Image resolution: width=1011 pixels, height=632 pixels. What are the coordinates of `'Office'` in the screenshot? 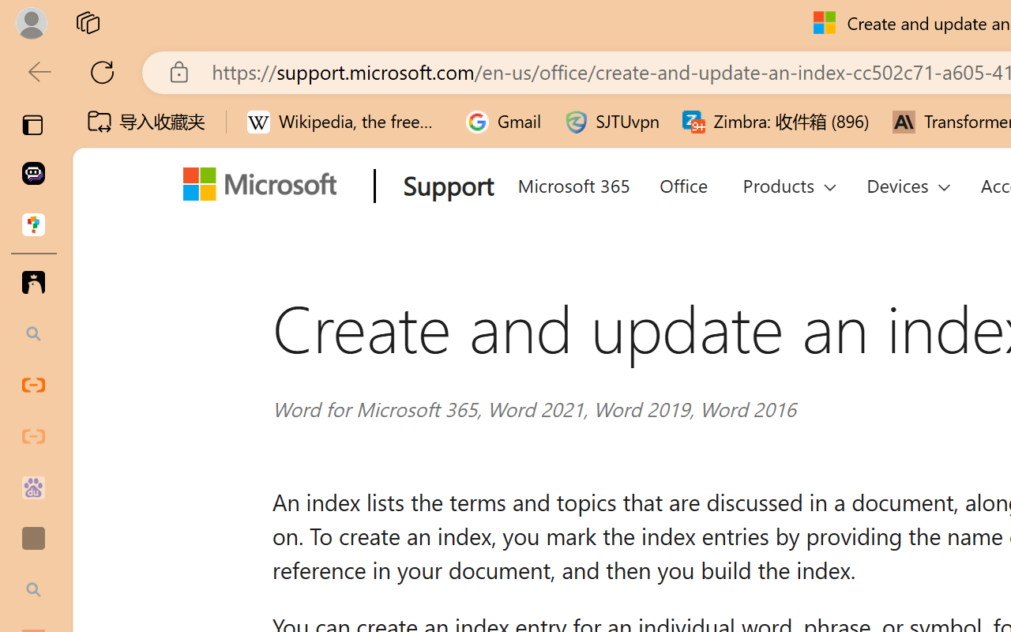 It's located at (682, 182).